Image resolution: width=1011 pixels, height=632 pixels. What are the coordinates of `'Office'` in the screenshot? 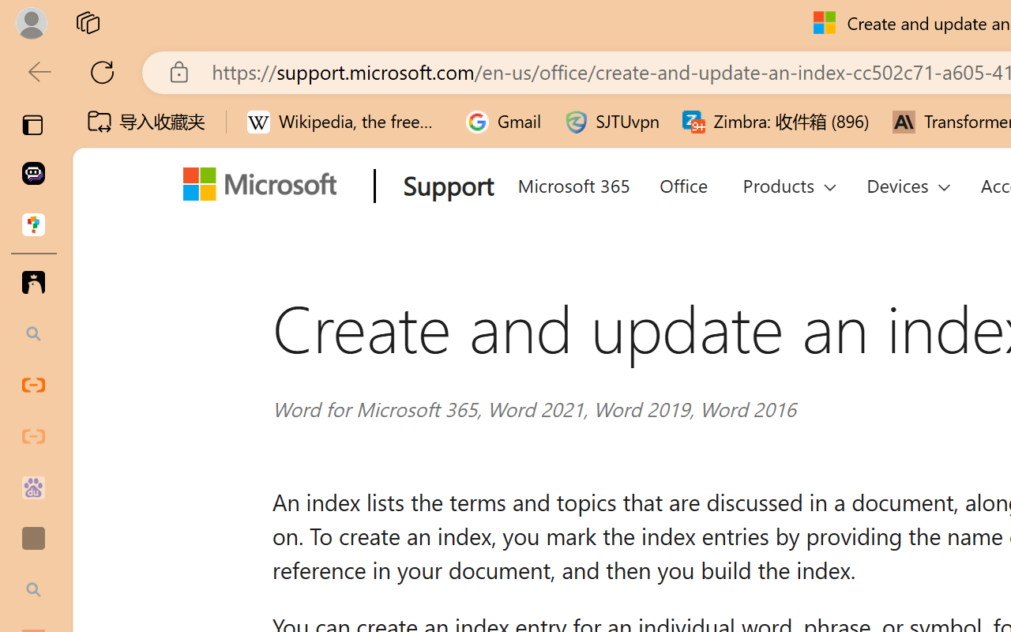 It's located at (682, 182).